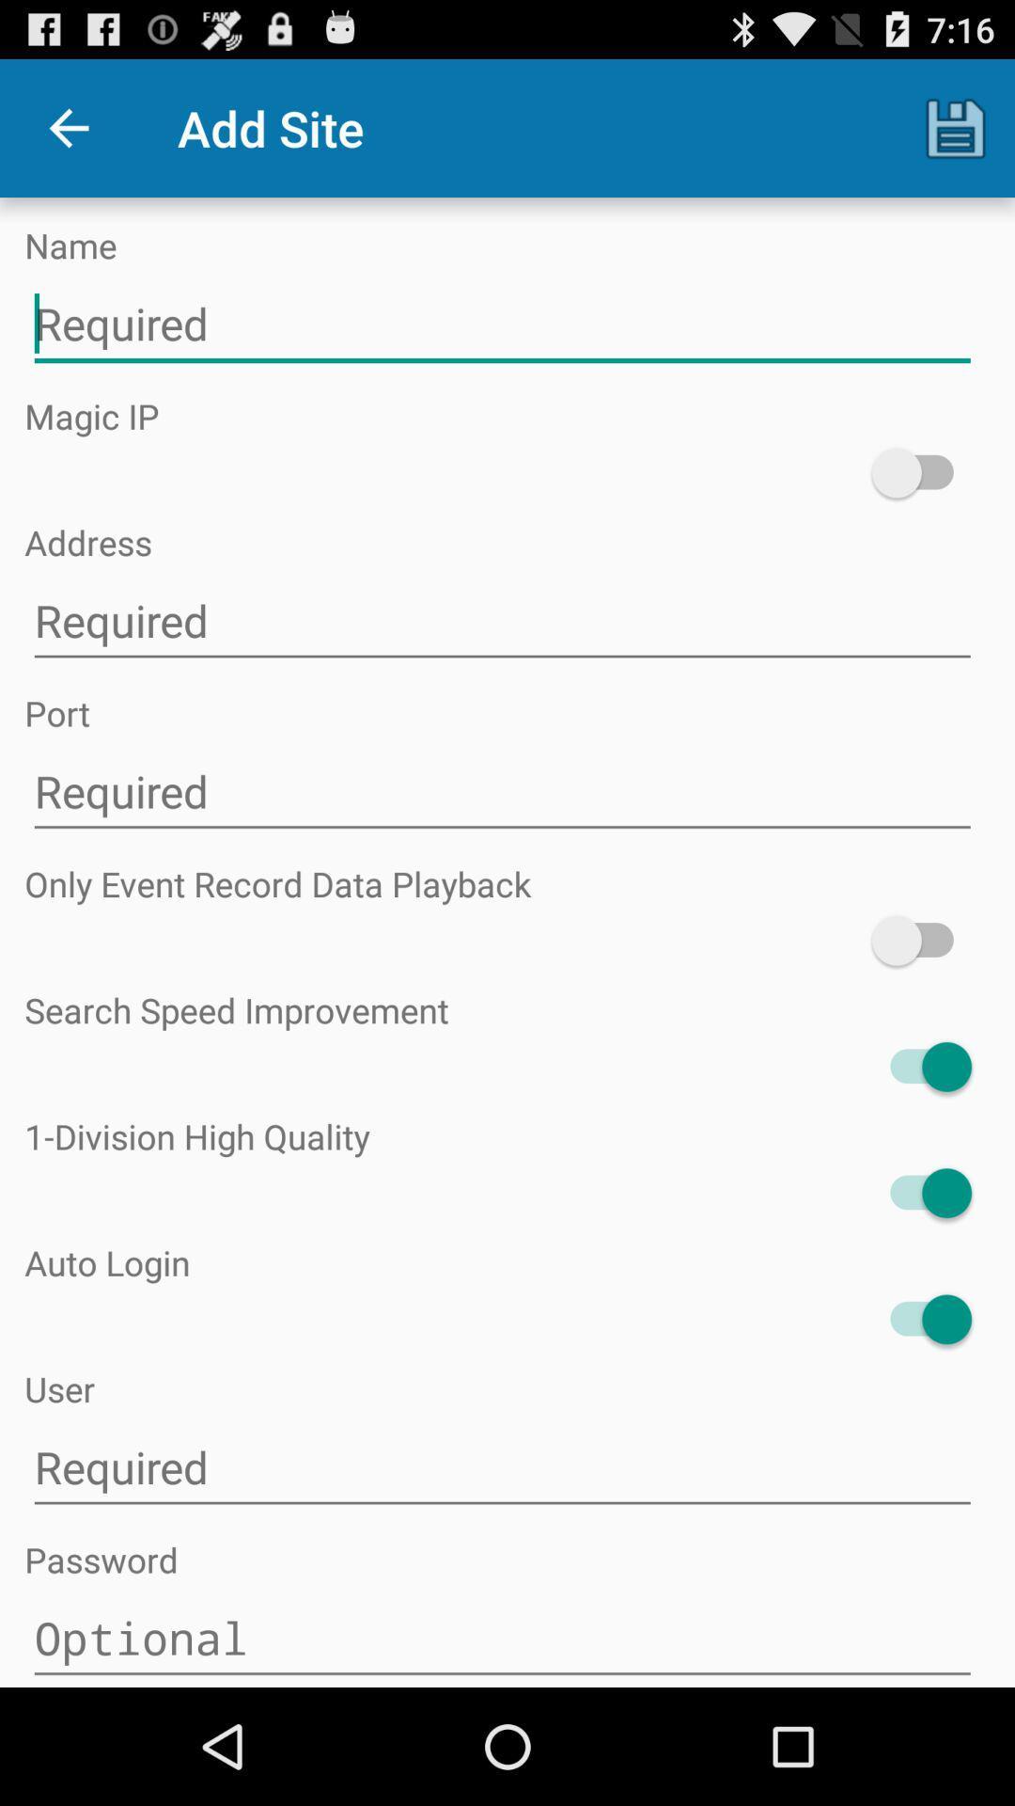 The width and height of the screenshot is (1015, 1806). I want to click on type in ip address, so click(501, 621).